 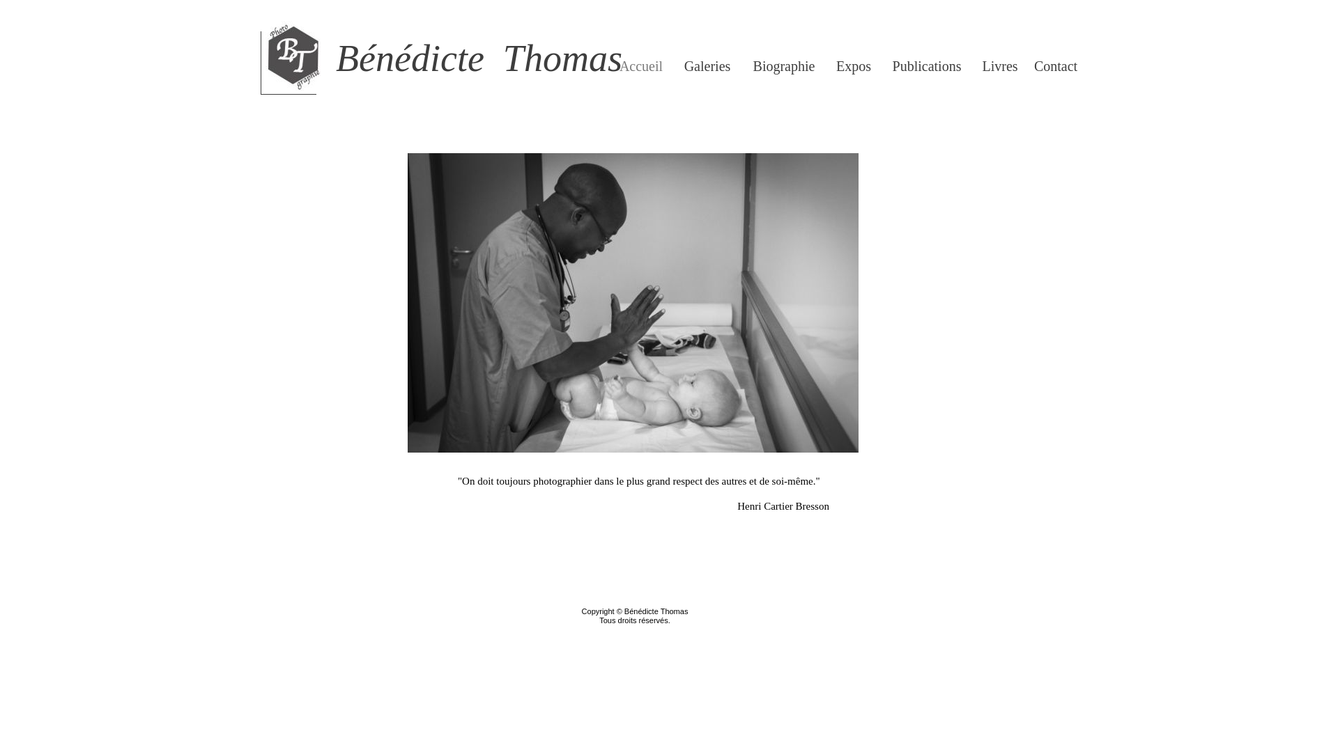 What do you see at coordinates (852, 66) in the screenshot?
I see `'Expos'` at bounding box center [852, 66].